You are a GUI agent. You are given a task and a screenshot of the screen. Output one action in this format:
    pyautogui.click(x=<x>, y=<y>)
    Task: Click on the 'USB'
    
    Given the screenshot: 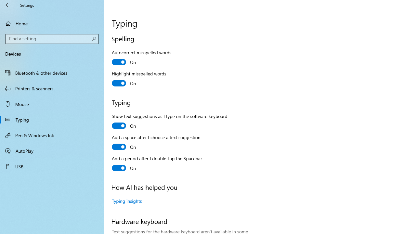 What is the action you would take?
    pyautogui.click(x=52, y=166)
    